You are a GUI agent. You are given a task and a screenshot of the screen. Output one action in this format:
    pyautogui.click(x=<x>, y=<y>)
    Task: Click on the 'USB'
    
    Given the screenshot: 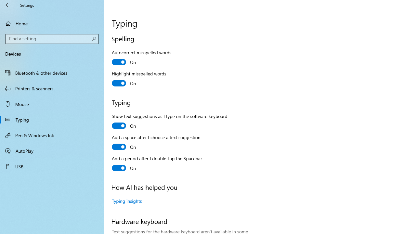 What is the action you would take?
    pyautogui.click(x=52, y=166)
    